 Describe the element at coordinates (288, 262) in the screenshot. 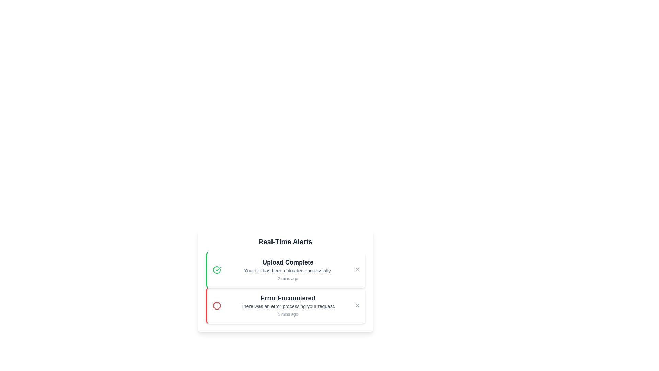

I see `the Text Label that indicates the status of the uploaded file, which shows 'Your file has been uploaded successfully.' in the Real-Time Alerts section` at that location.